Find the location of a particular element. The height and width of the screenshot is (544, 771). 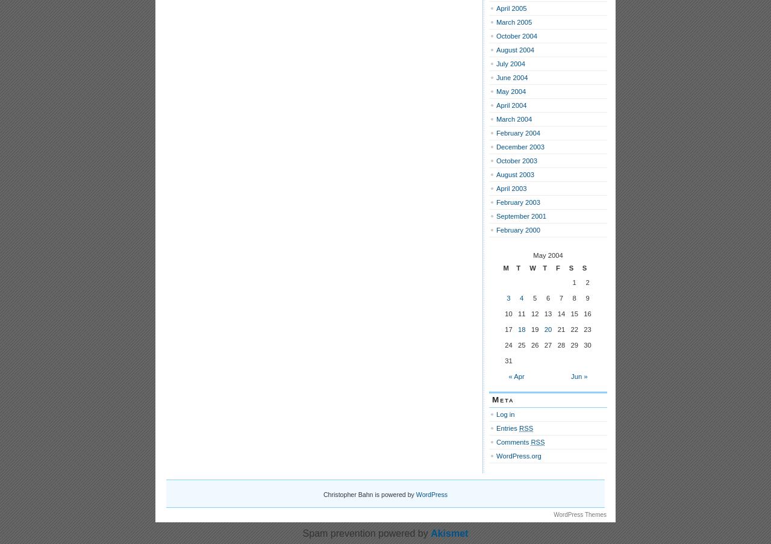

'4' is located at coordinates (519, 298).